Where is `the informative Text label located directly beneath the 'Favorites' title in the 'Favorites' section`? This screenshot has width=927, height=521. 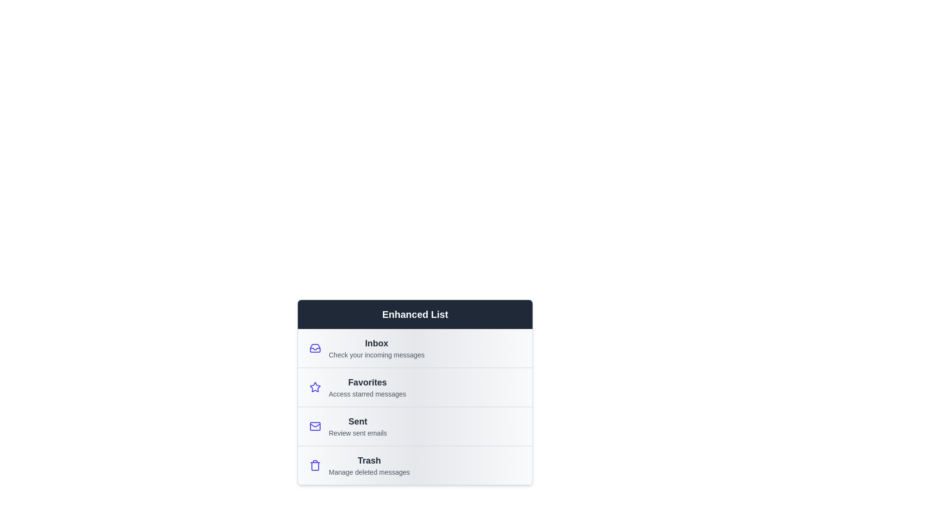
the informative Text label located directly beneath the 'Favorites' title in the 'Favorites' section is located at coordinates (367, 394).